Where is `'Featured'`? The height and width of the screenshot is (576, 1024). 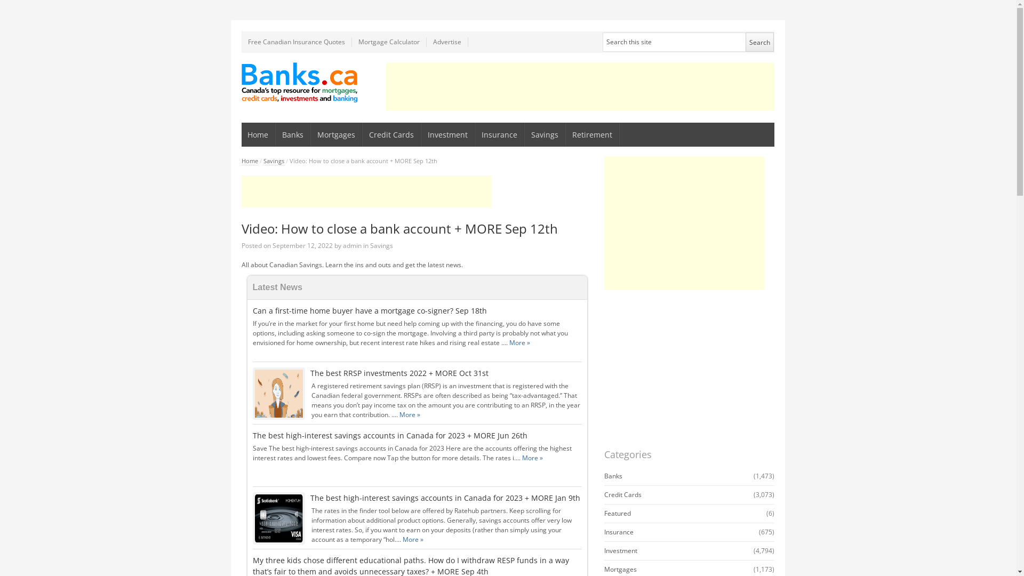 'Featured' is located at coordinates (617, 513).